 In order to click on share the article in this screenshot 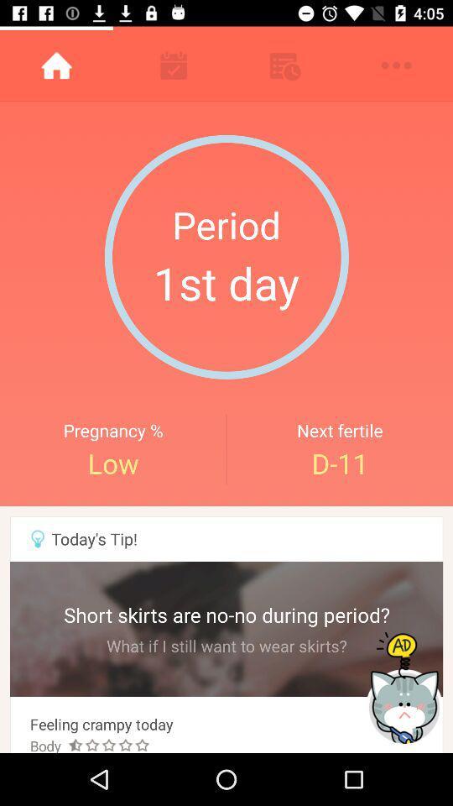, I will do `click(405, 688)`.